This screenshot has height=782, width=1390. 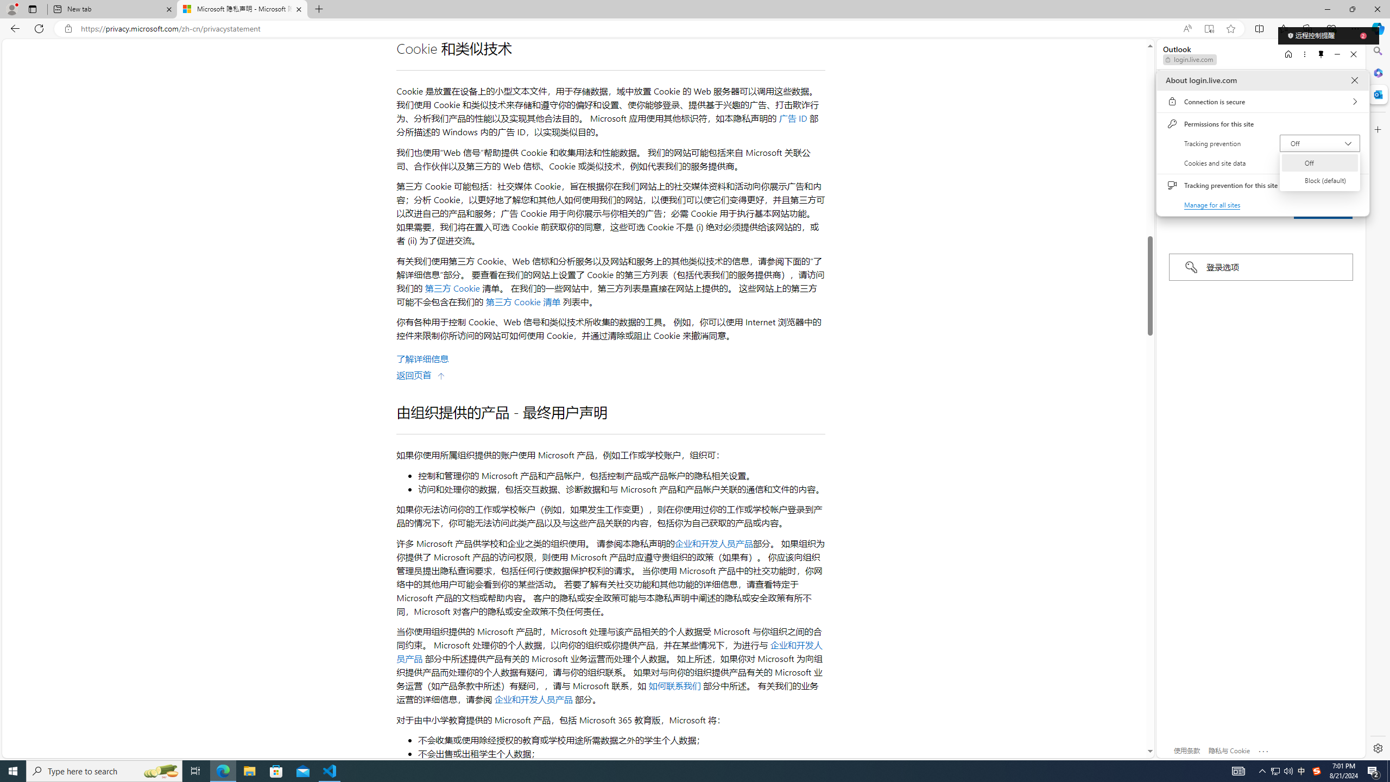 What do you see at coordinates (1388, 770) in the screenshot?
I see `'Show desktop'` at bounding box center [1388, 770].